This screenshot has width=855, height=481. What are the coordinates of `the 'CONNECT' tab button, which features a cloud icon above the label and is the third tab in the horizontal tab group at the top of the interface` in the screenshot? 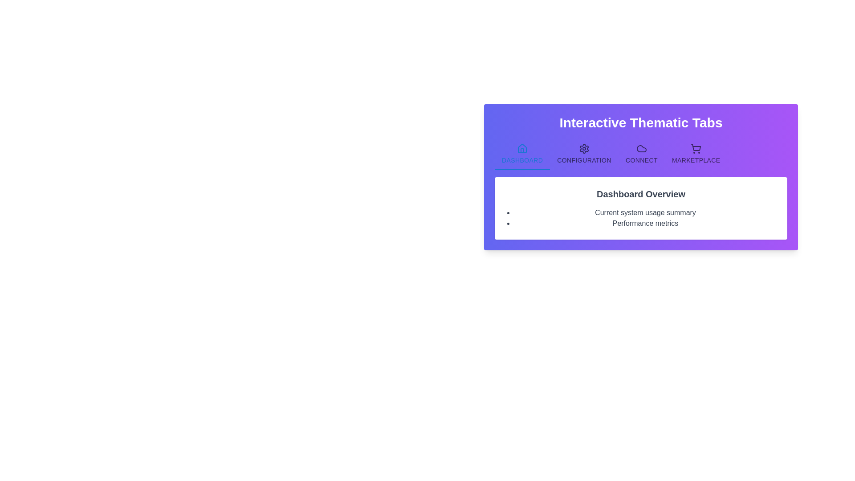 It's located at (641, 154).